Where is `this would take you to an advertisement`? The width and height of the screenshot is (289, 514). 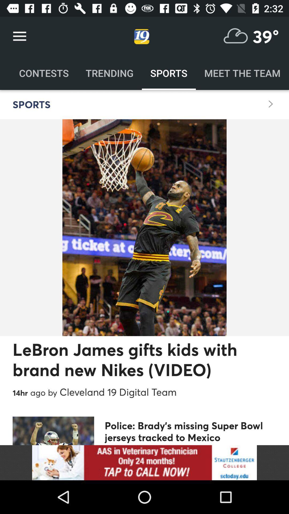
this would take you to an advertisement is located at coordinates (144, 462).